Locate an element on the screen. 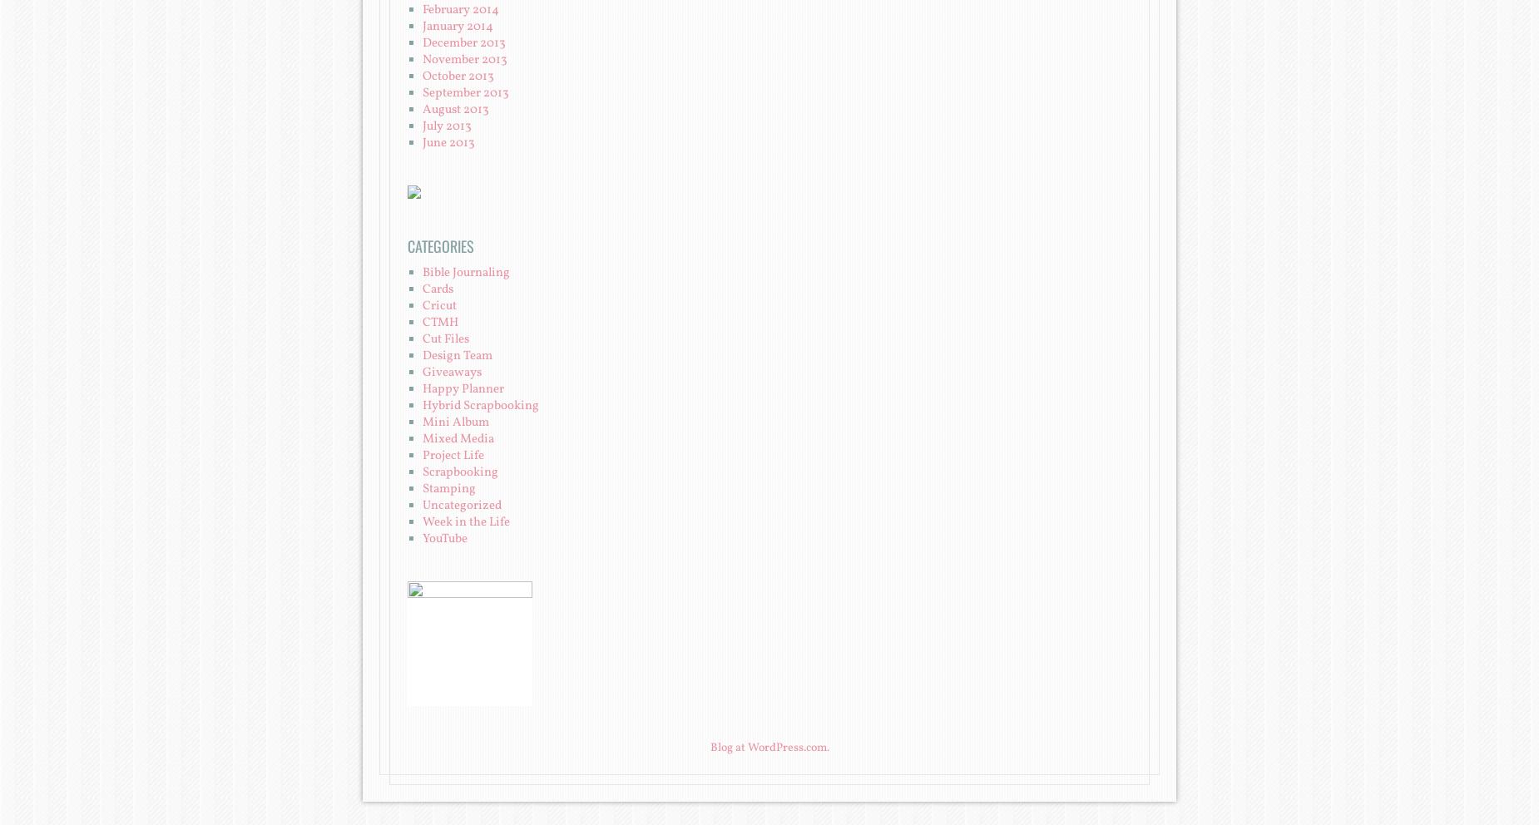 This screenshot has height=825, width=1539. 'January 2014' is located at coordinates (458, 25).